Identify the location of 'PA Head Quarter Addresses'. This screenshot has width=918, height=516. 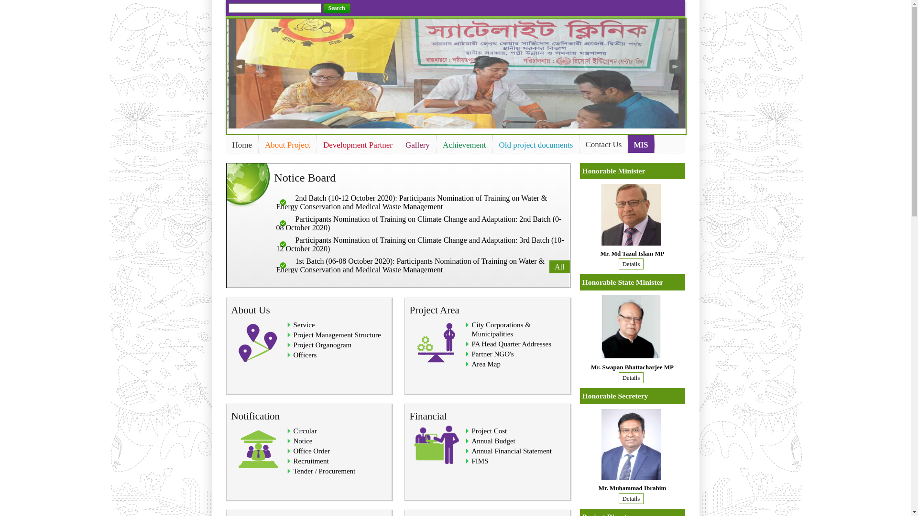
(511, 344).